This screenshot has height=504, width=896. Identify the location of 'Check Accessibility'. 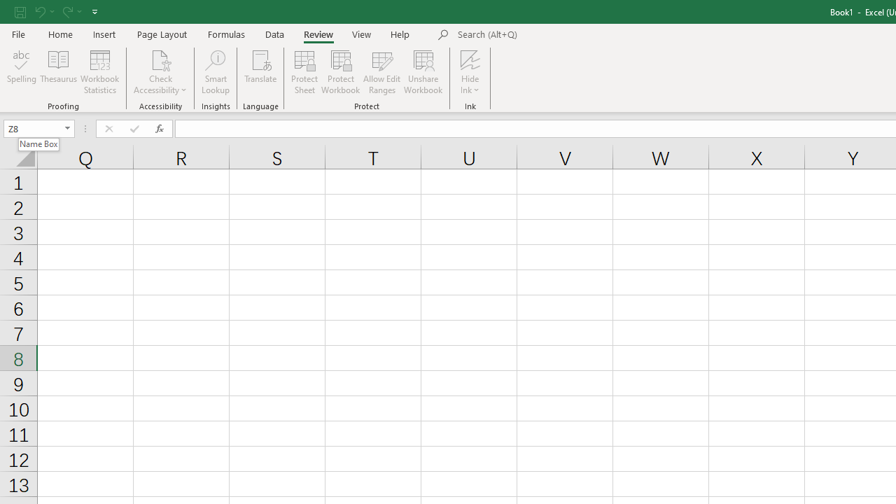
(160, 59).